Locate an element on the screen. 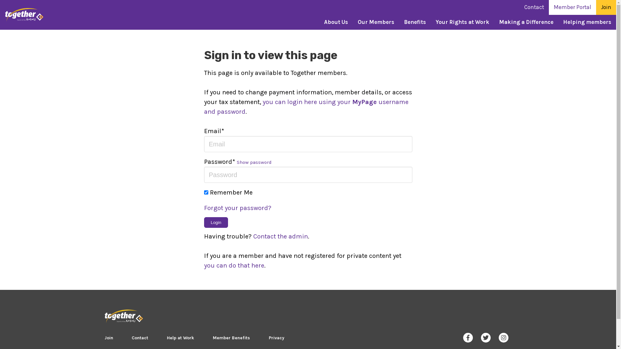  'Contact' is located at coordinates (139, 337).